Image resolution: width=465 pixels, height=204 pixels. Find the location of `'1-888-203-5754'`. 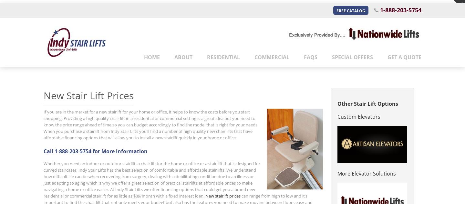

'1-888-203-5754' is located at coordinates (399, 9).